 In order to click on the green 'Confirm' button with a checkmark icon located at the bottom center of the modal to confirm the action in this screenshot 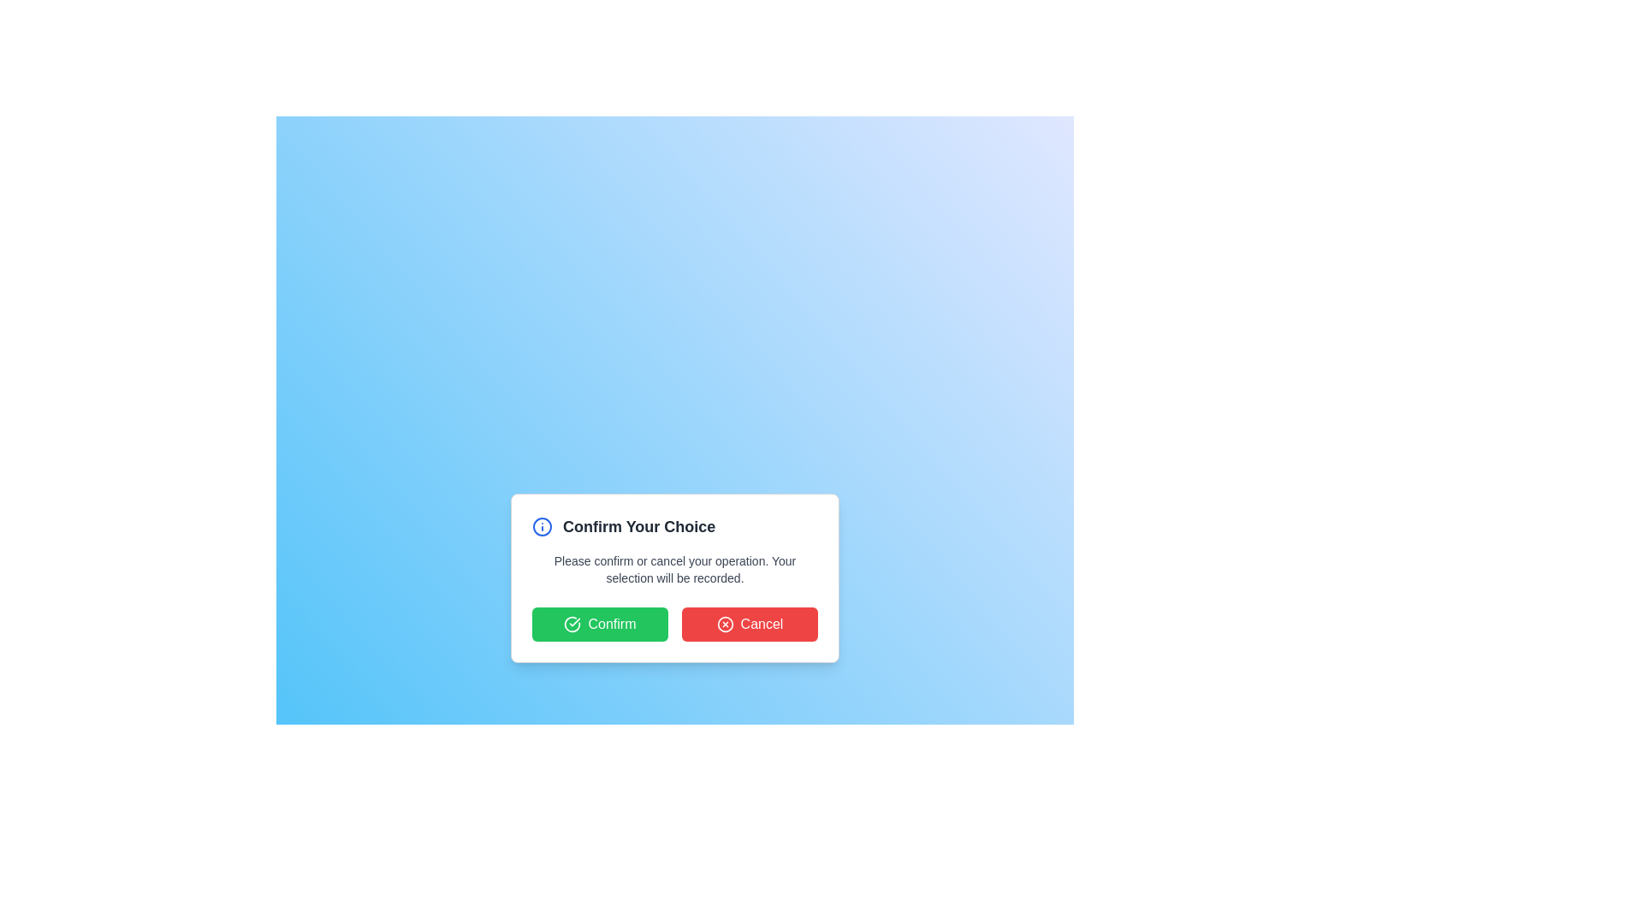, I will do `click(600, 624)`.